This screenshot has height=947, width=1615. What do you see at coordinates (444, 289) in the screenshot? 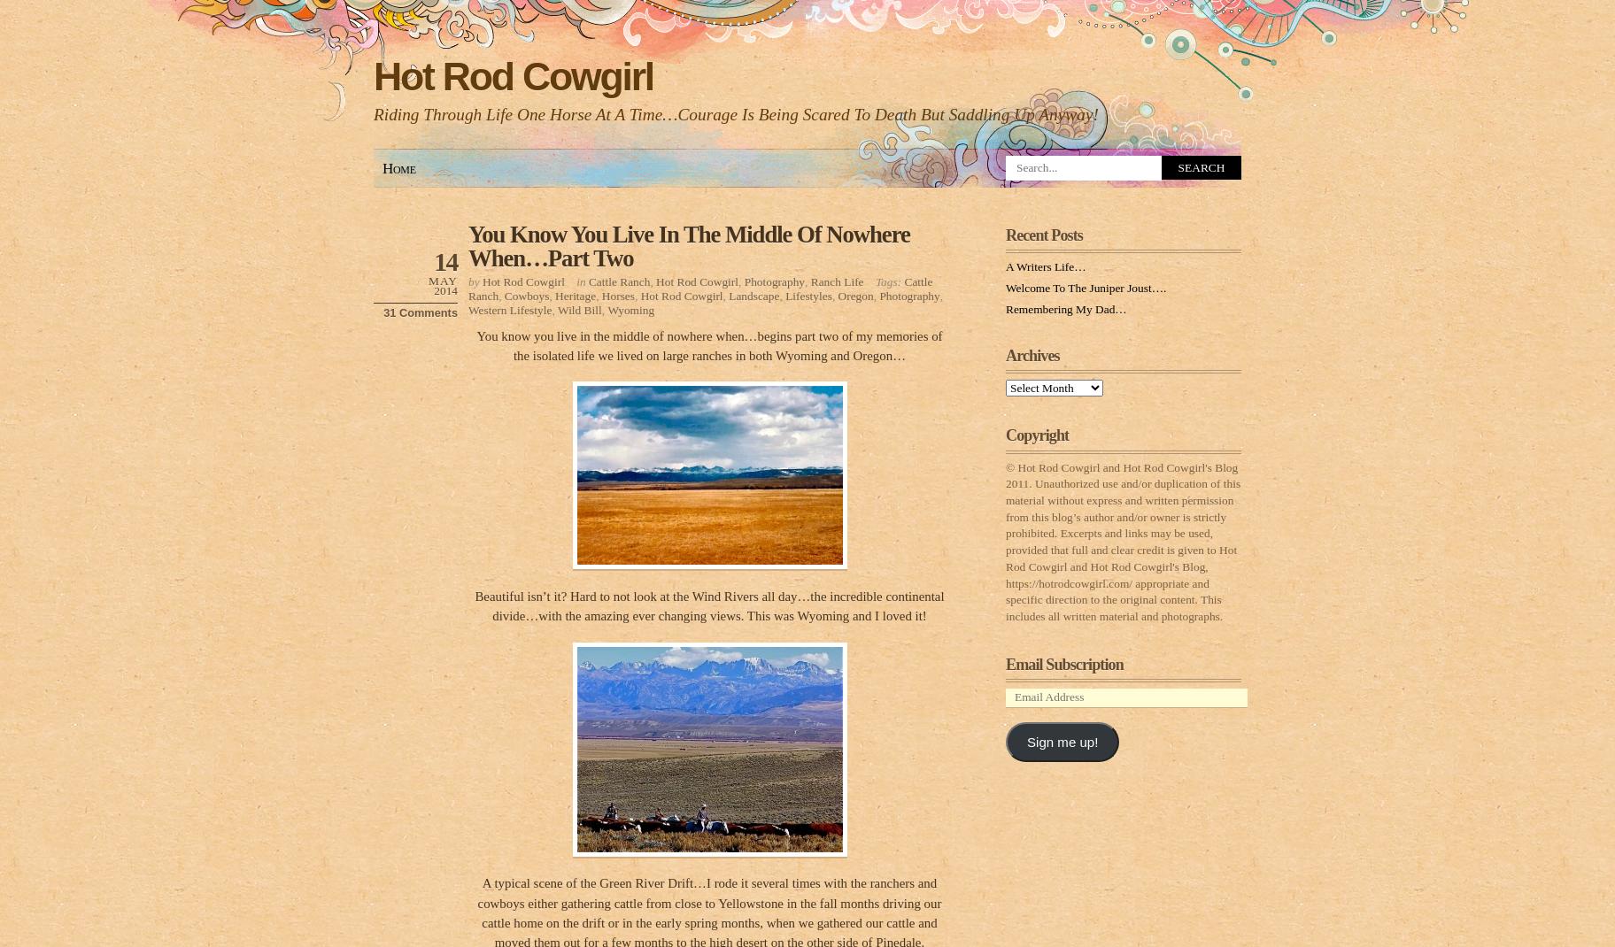
I see `'2014'` at bounding box center [444, 289].